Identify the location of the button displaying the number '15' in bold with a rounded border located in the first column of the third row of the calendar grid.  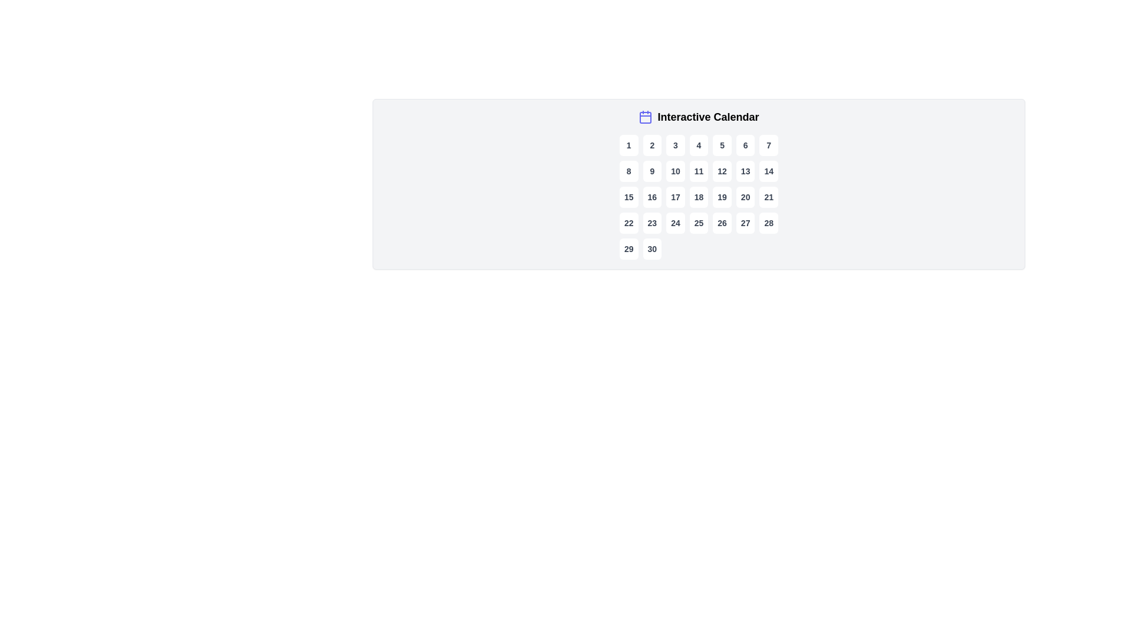
(628, 197).